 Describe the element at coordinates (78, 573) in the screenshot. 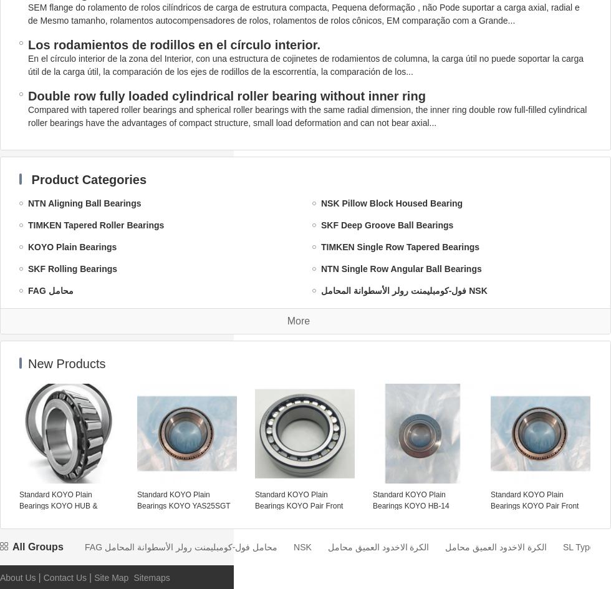

I see `'Runcing Roller bantalan'` at that location.